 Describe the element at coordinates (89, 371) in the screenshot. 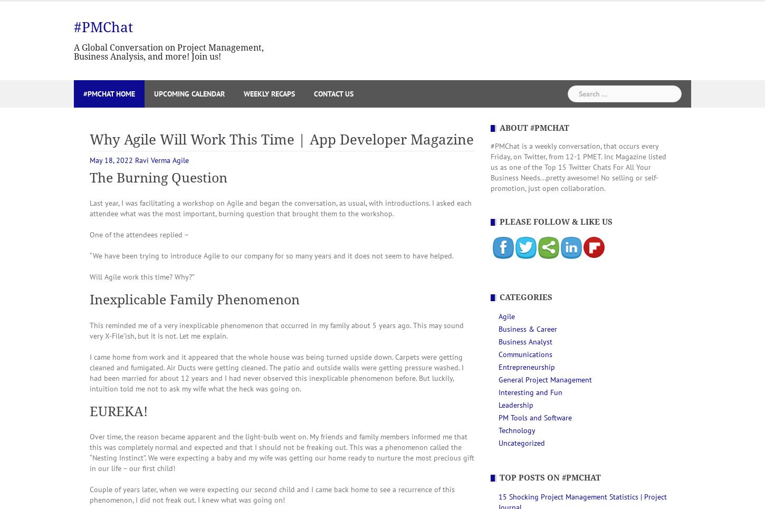

I see `'I came home from work and it appeared that the whole house was being turned upside down. Carpets were getting cleaned and fumigated. Air Ducts were getting cleaned. The patio and outside walls were getting pressure washed. I had been married for about 12 years and I had never observed this inexplicable phenomenon before. But luckily, intuition told me not to ask my wife what the heck was going on.'` at that location.